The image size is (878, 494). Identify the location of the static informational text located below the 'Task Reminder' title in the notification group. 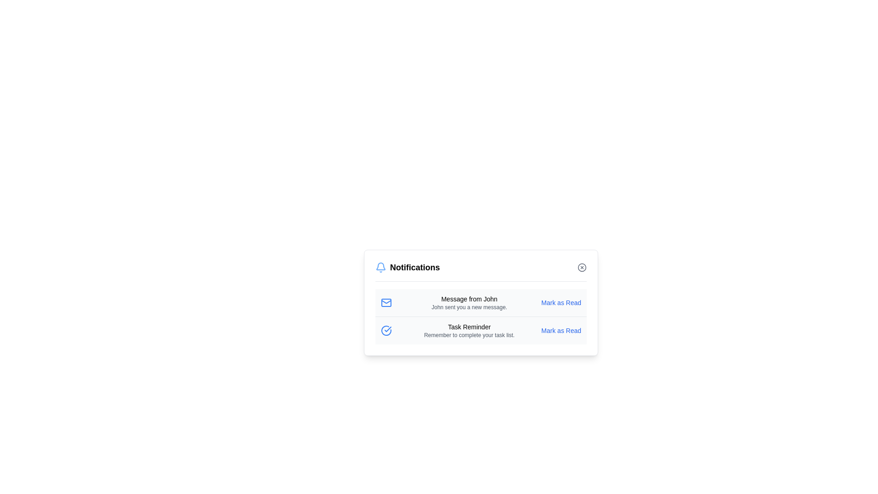
(469, 335).